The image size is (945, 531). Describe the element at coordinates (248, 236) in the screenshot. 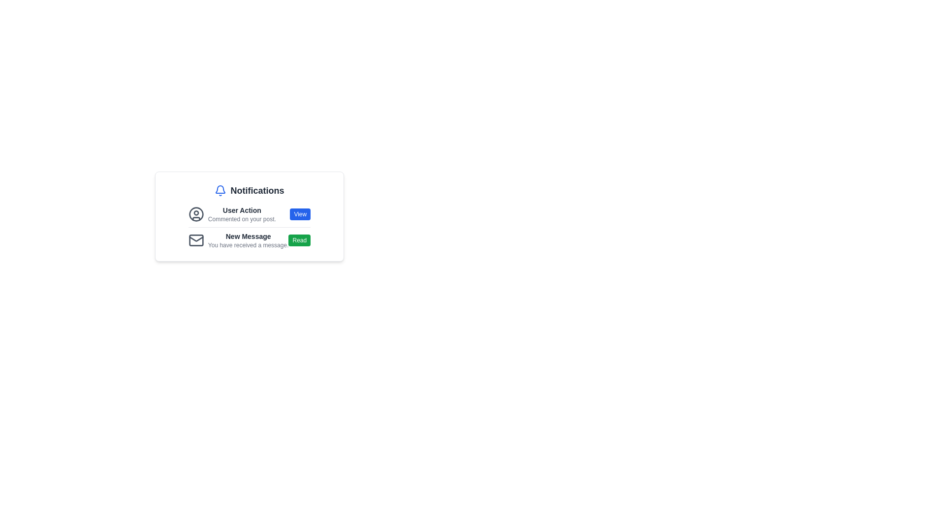

I see `text label that displays 'New Message', which is styled in bold, dark-gray font and is positioned at the top-center of the notification card` at that location.